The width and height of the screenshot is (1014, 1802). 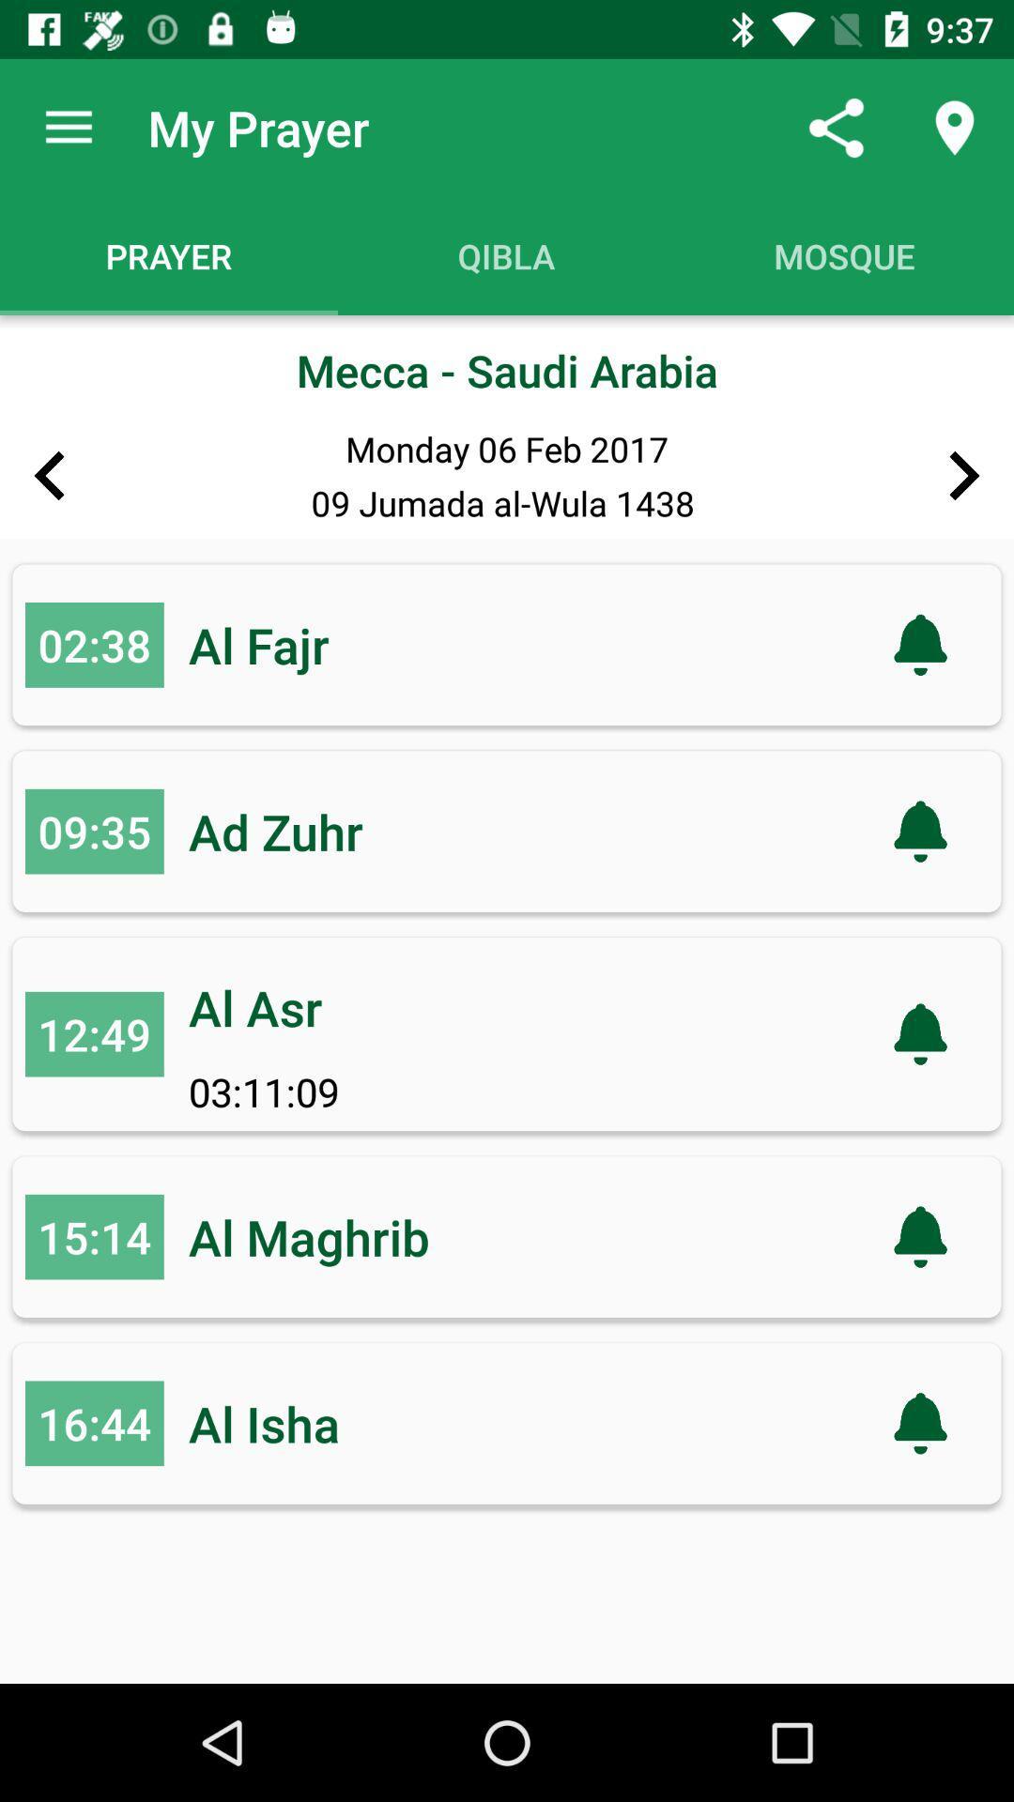 What do you see at coordinates (94, 1423) in the screenshot?
I see `the item next to al isha` at bounding box center [94, 1423].